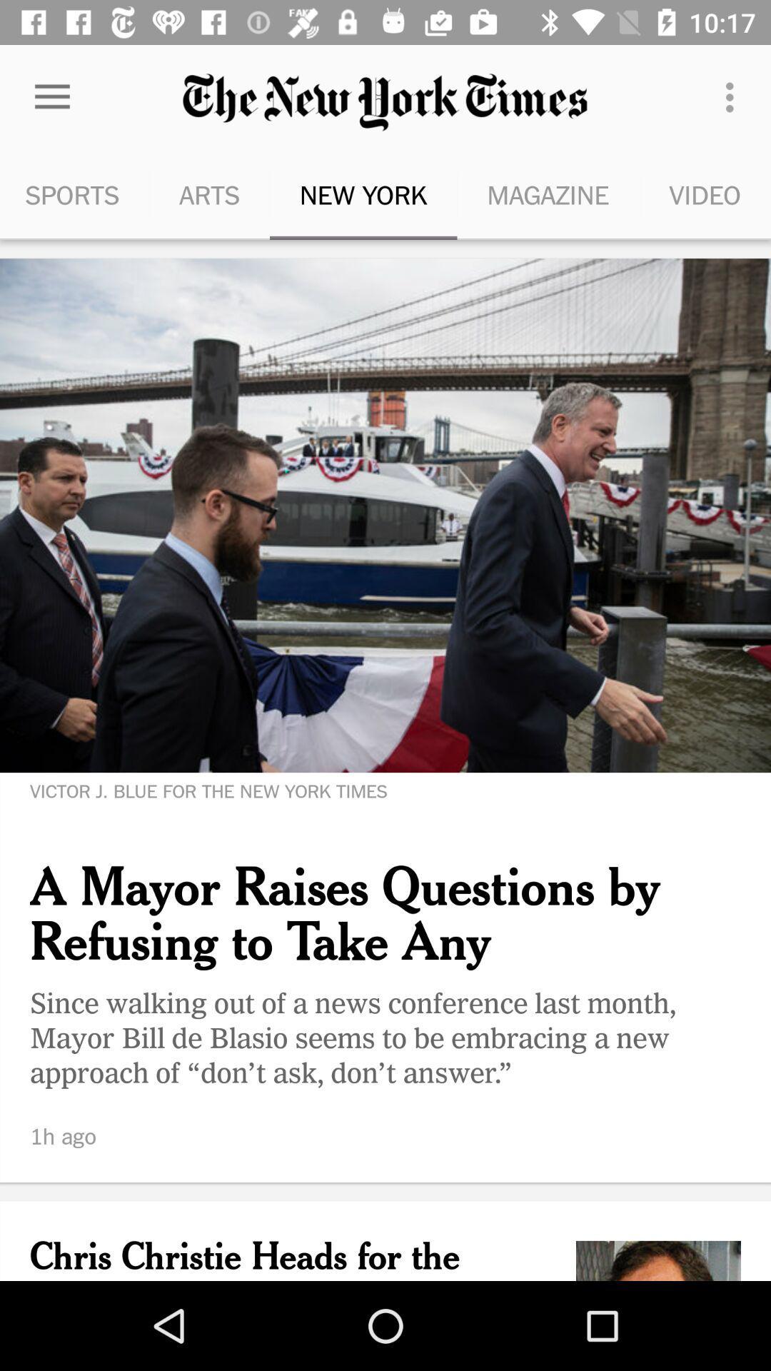 The height and width of the screenshot is (1371, 771). Describe the element at coordinates (547, 194) in the screenshot. I see `magazine icon` at that location.